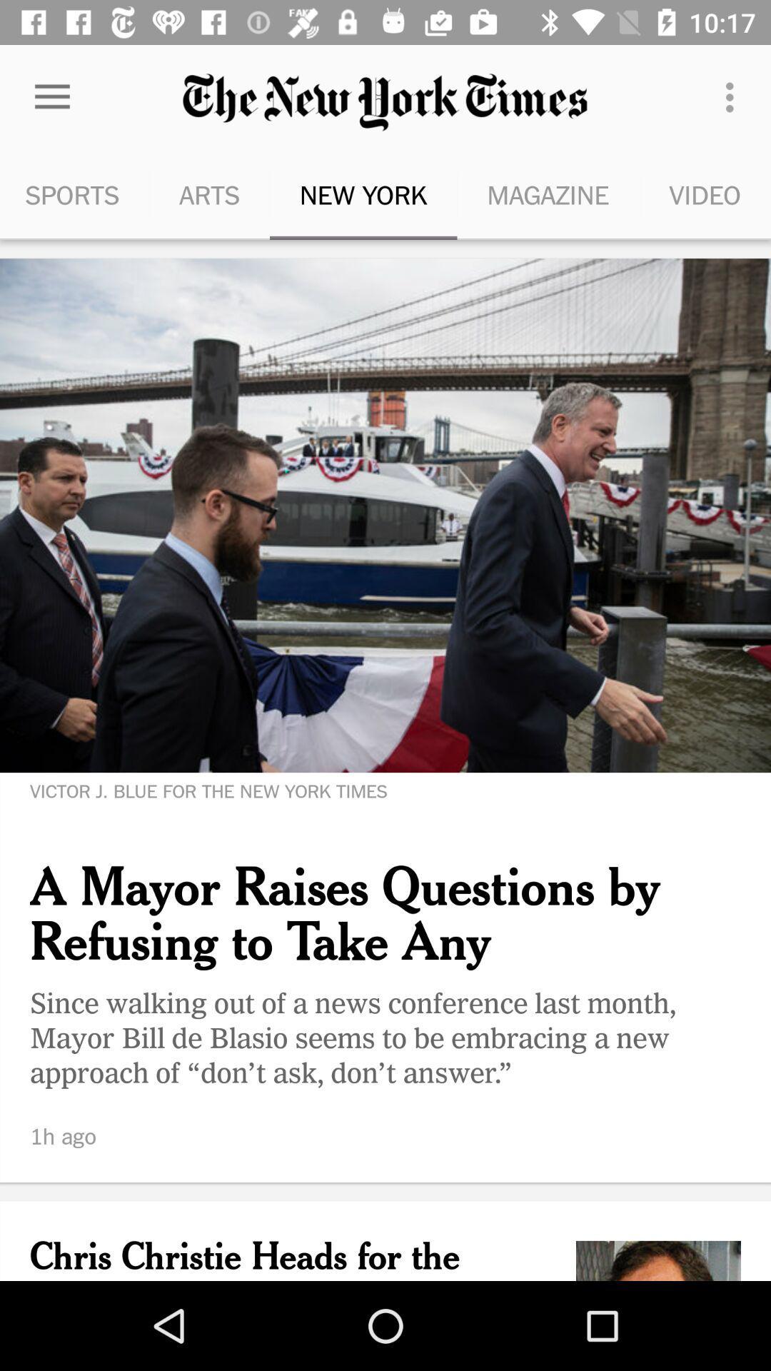 The height and width of the screenshot is (1371, 771). Describe the element at coordinates (547, 194) in the screenshot. I see `magazine icon` at that location.